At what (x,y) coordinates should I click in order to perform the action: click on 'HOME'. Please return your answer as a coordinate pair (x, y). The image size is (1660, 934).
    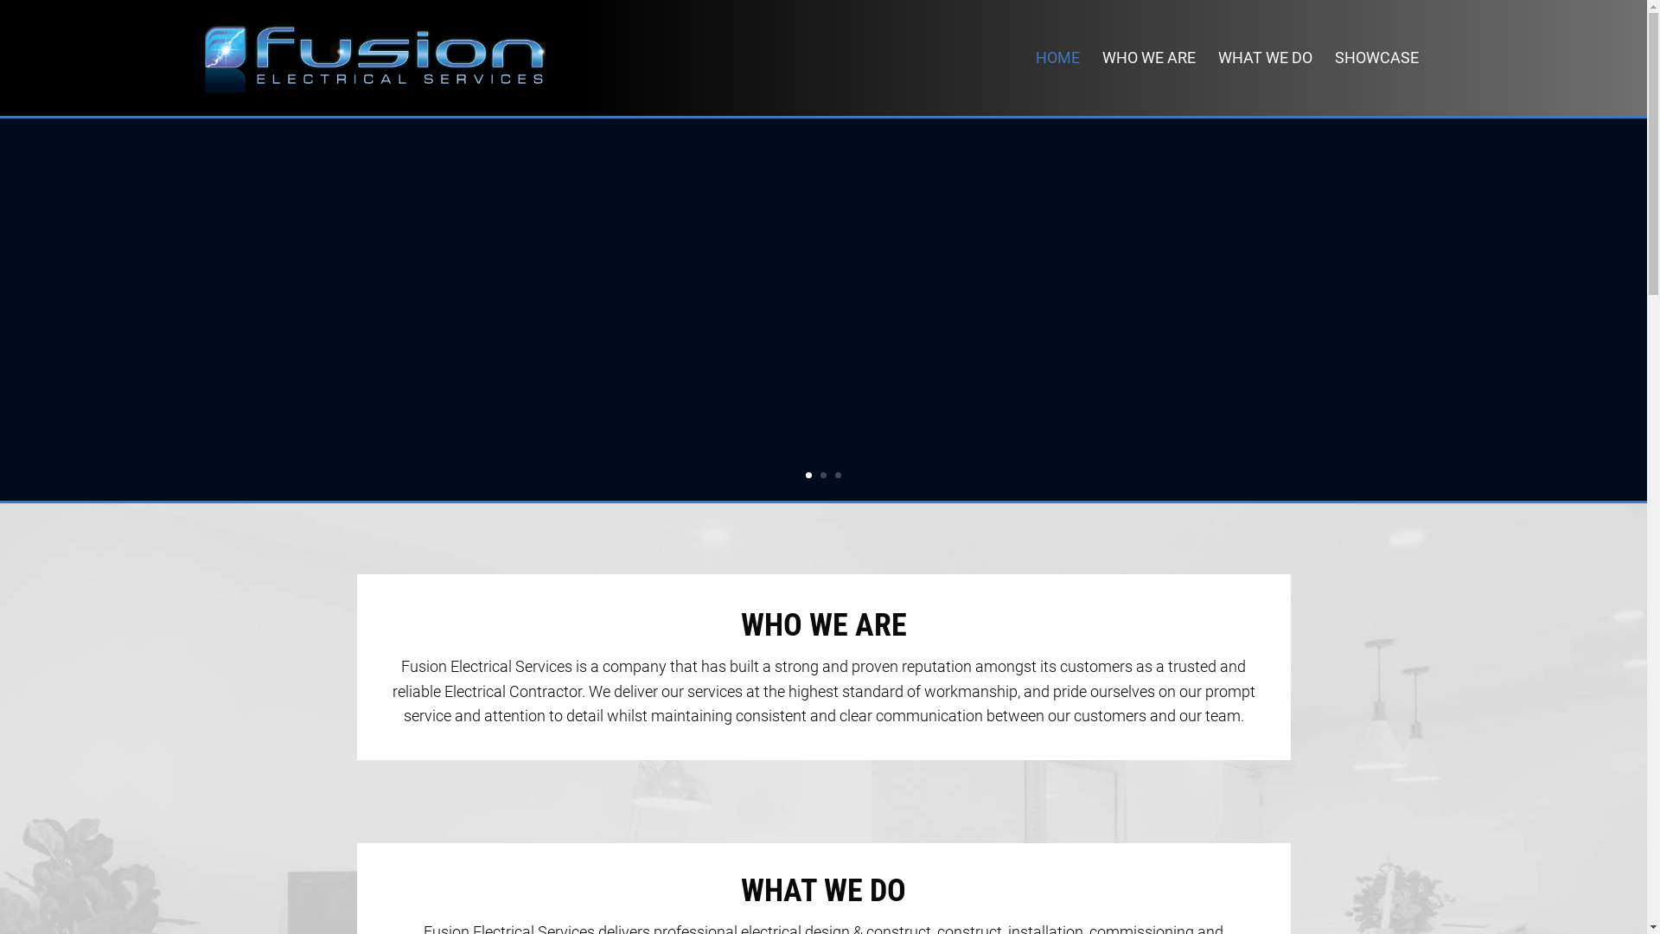
    Looking at the image, I should click on (1057, 83).